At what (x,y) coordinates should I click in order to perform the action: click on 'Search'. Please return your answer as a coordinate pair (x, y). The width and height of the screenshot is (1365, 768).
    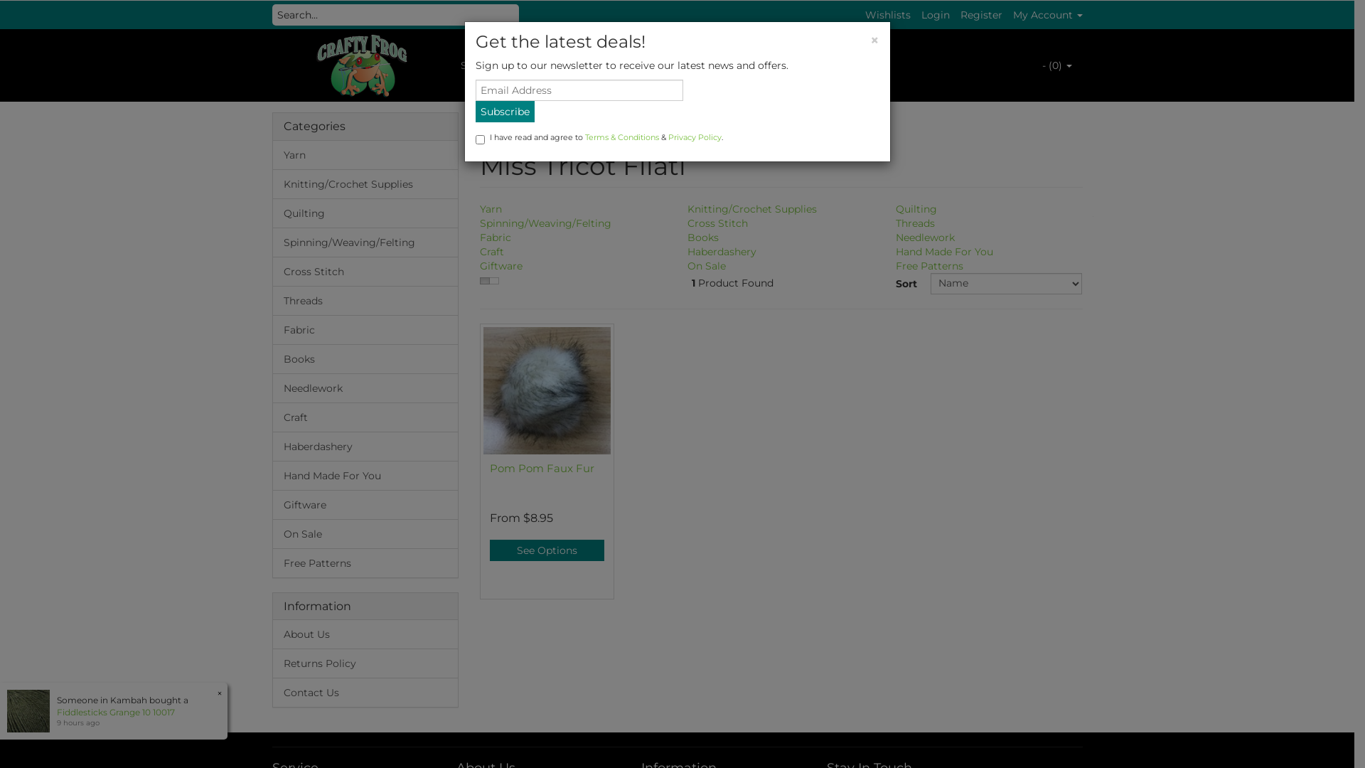
    Looking at the image, I should click on (521, 14).